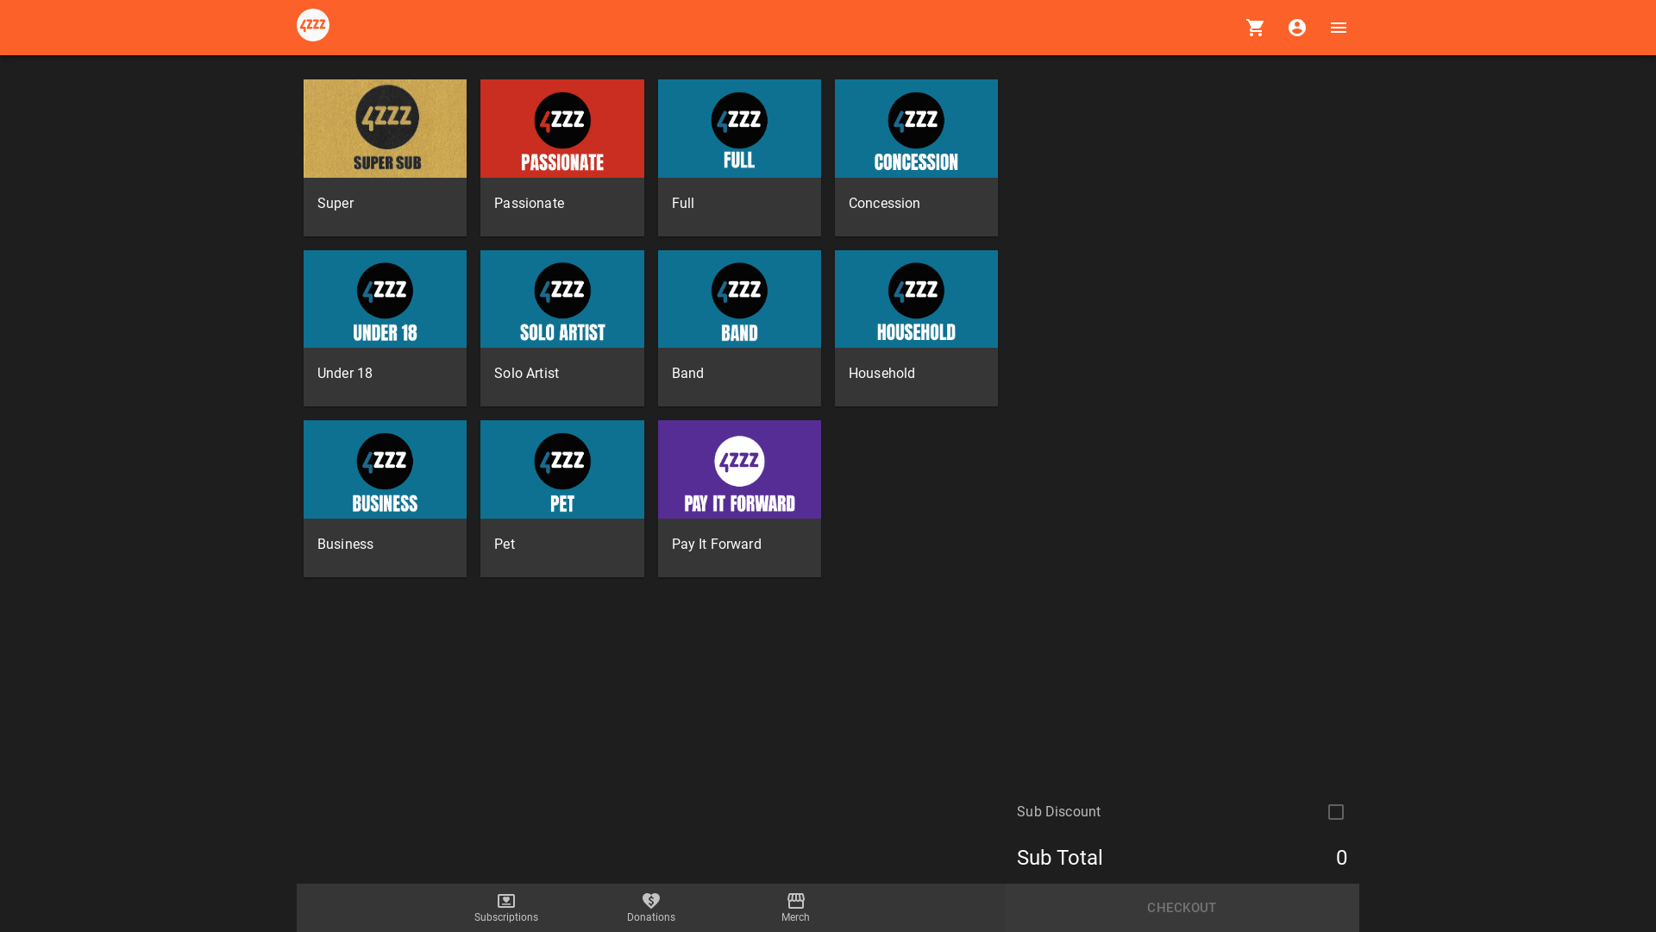 The image size is (1656, 932). Describe the element at coordinates (561, 499) in the screenshot. I see `'Pet'` at that location.